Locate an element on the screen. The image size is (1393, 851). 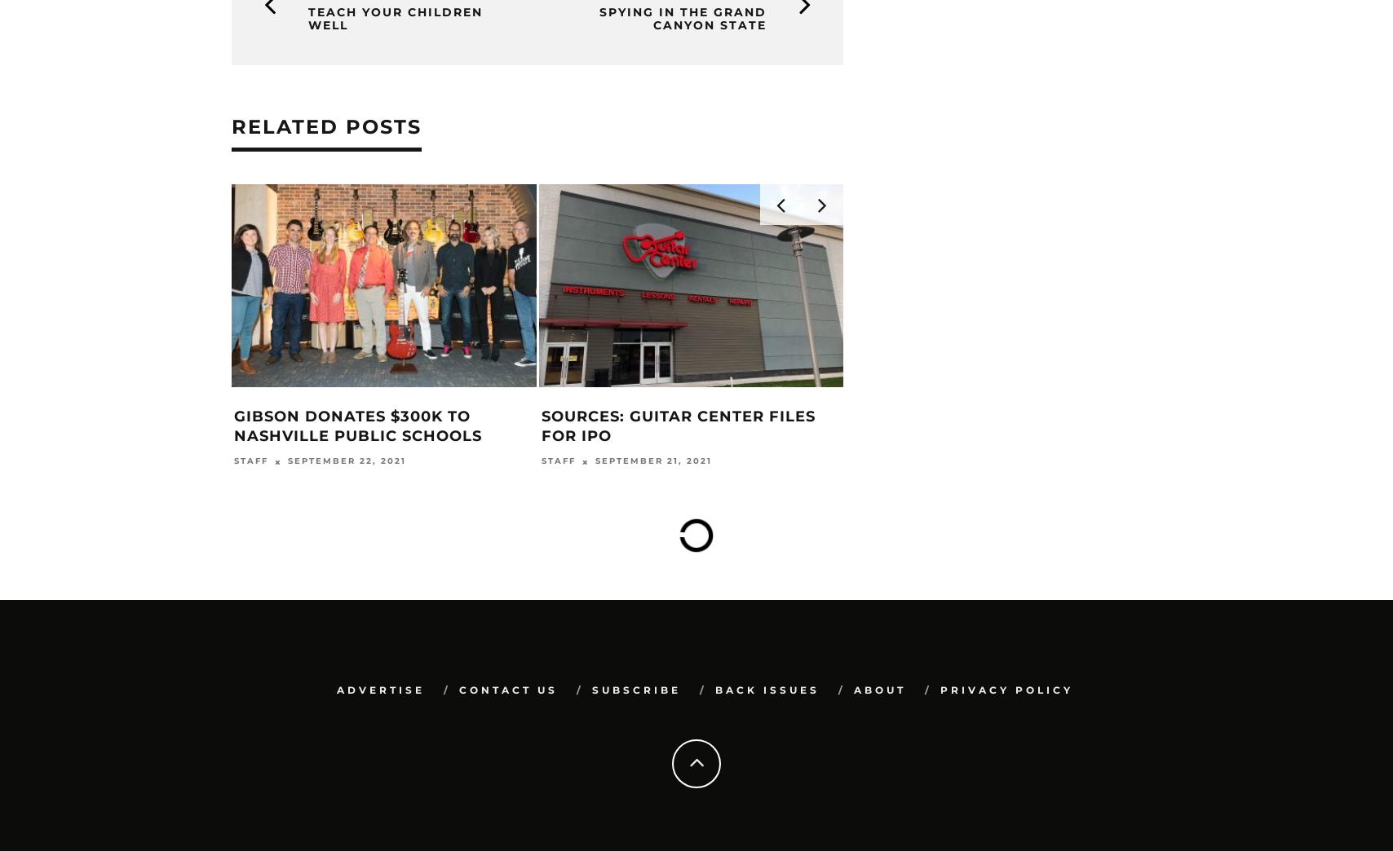
'Spying In The Grand Canyon State' is located at coordinates (683, 17).